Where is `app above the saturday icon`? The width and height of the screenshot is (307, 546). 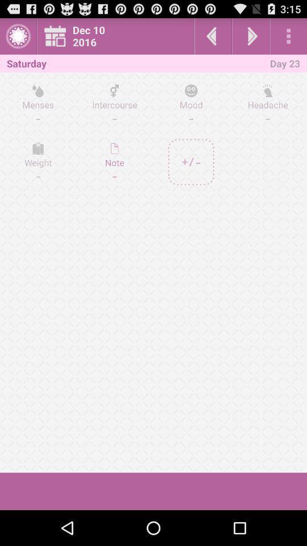 app above the saturday icon is located at coordinates (18, 36).